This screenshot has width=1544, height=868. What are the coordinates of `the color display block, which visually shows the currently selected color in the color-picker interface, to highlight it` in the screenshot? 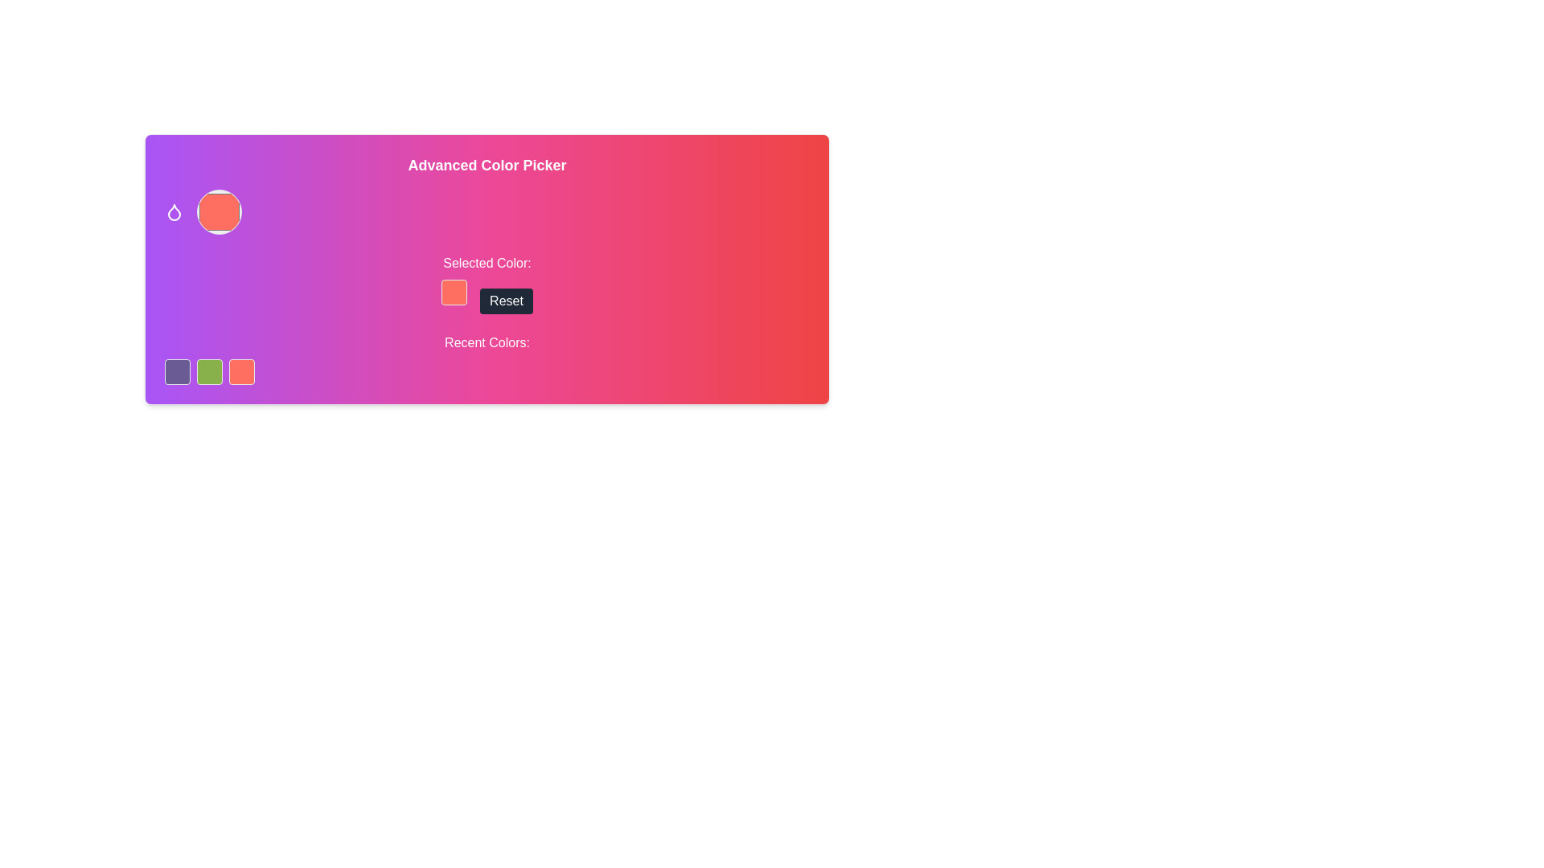 It's located at (454, 292).